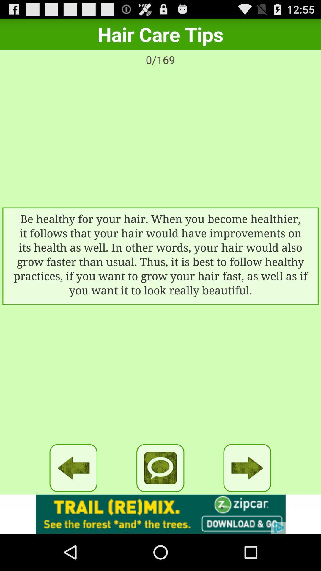 The height and width of the screenshot is (571, 321). Describe the element at coordinates (73, 468) in the screenshot. I see `go back` at that location.